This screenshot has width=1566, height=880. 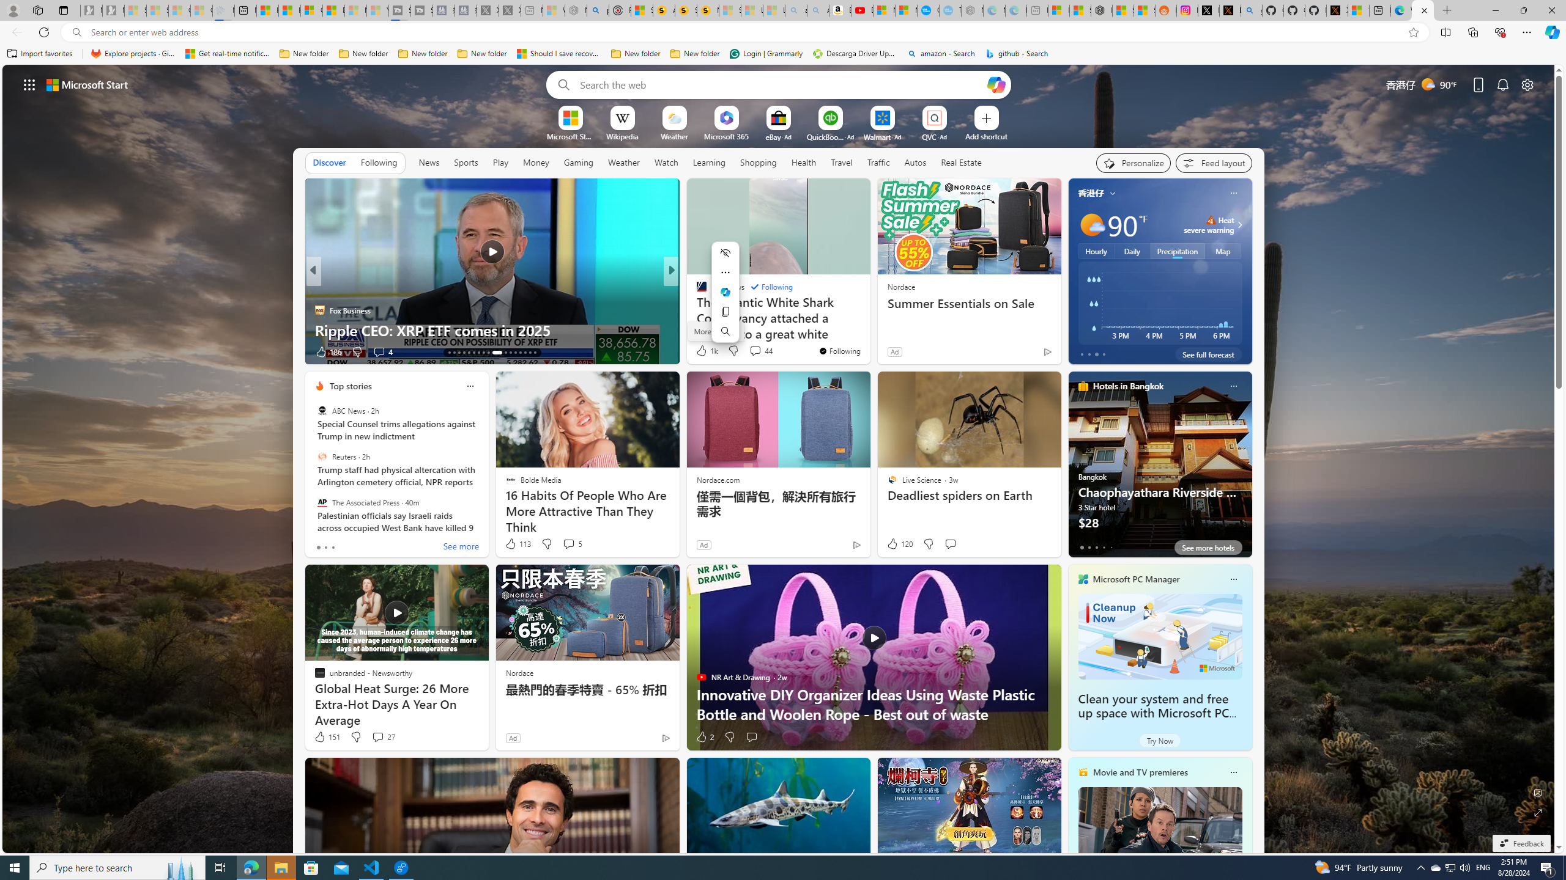 What do you see at coordinates (327, 351) in the screenshot?
I see `'186 Like'` at bounding box center [327, 351].